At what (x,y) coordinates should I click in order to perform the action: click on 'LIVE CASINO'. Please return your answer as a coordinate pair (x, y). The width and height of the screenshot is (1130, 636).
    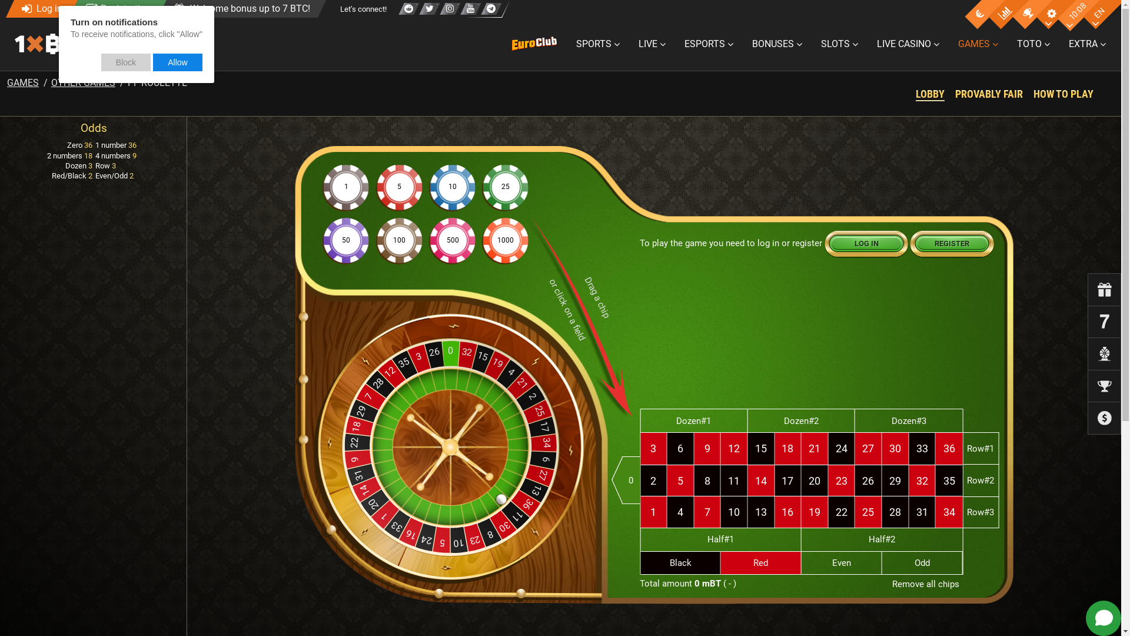
    Looking at the image, I should click on (867, 43).